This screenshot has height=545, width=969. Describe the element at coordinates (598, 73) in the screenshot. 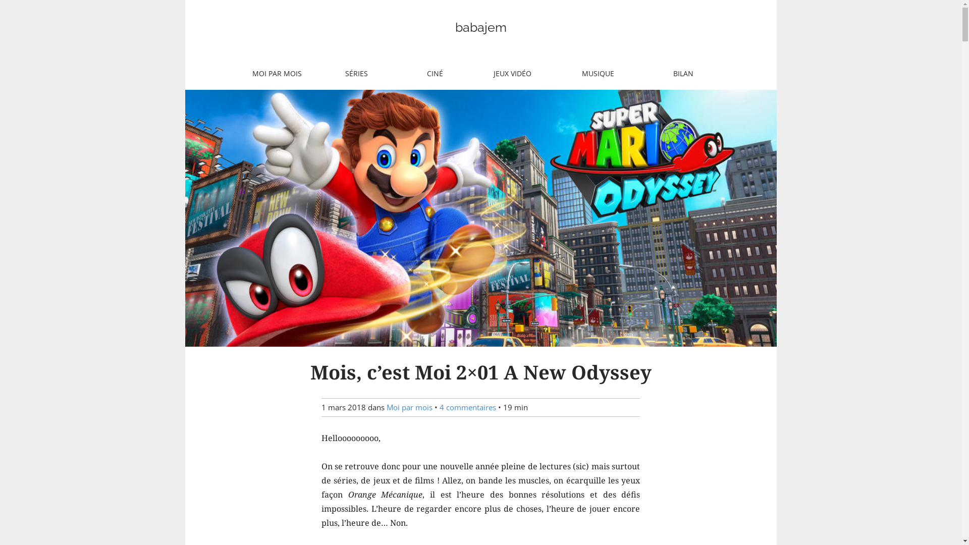

I see `'MUSIQUE'` at that location.